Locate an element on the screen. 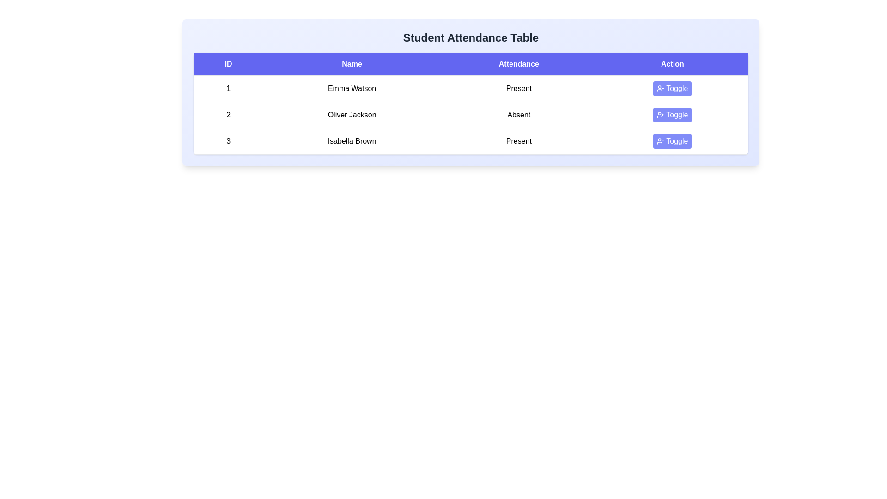  text displayed in the second cell of the first row of the student table under the 'Name' column, which identifies the student in the attendance record is located at coordinates (352, 89).